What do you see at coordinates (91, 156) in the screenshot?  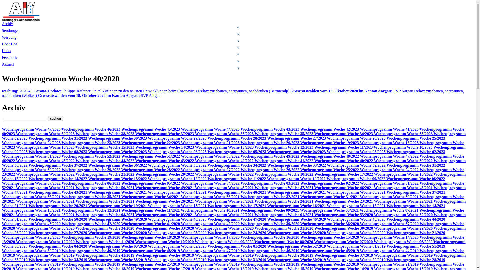 I see `'Wochenprogramm Woche 52/2022'` at bounding box center [91, 156].